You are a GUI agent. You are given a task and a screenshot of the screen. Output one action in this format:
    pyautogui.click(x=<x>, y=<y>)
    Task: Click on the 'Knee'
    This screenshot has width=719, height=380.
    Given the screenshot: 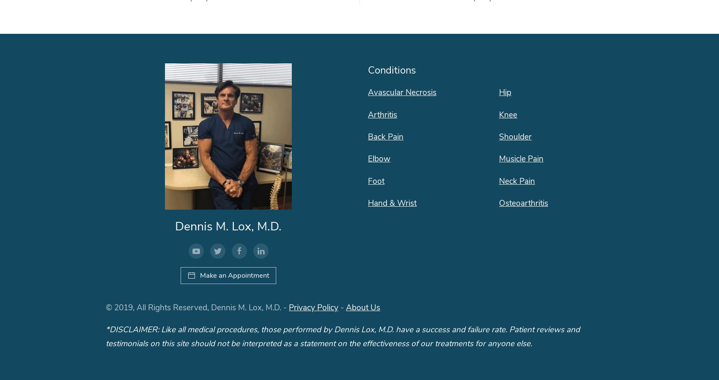 What is the action you would take?
    pyautogui.click(x=508, y=114)
    